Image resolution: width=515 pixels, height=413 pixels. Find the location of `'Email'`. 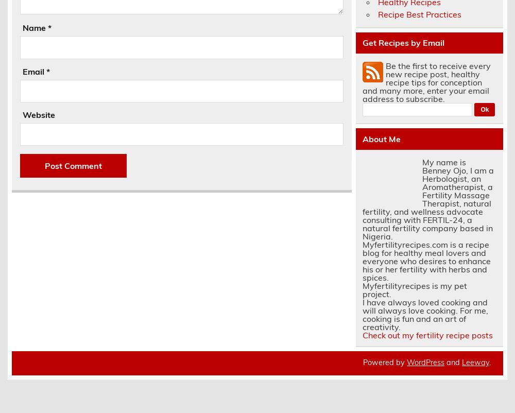

'Email' is located at coordinates (33, 71).